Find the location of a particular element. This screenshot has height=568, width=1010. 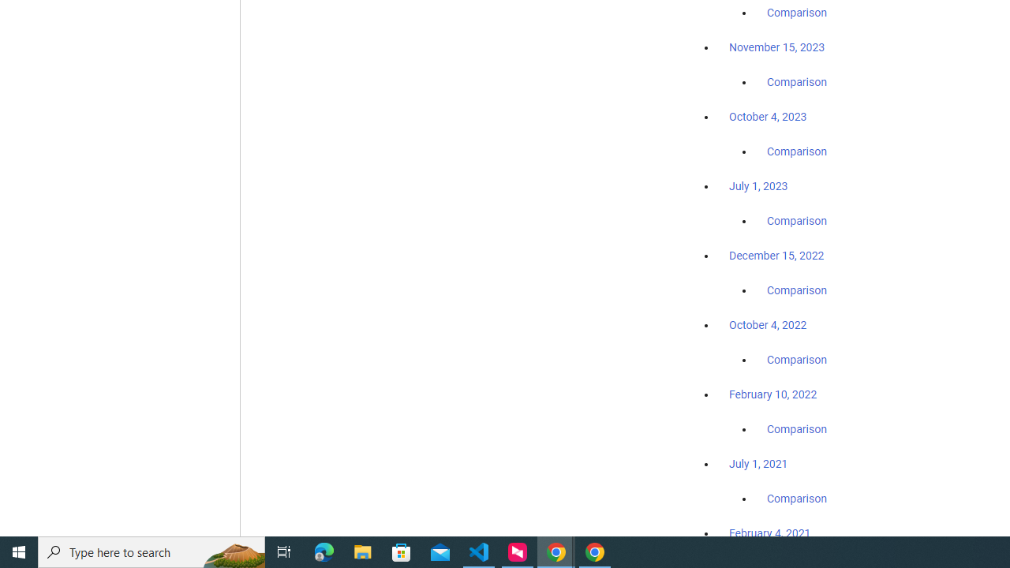

'October 4, 2023' is located at coordinates (768, 116).